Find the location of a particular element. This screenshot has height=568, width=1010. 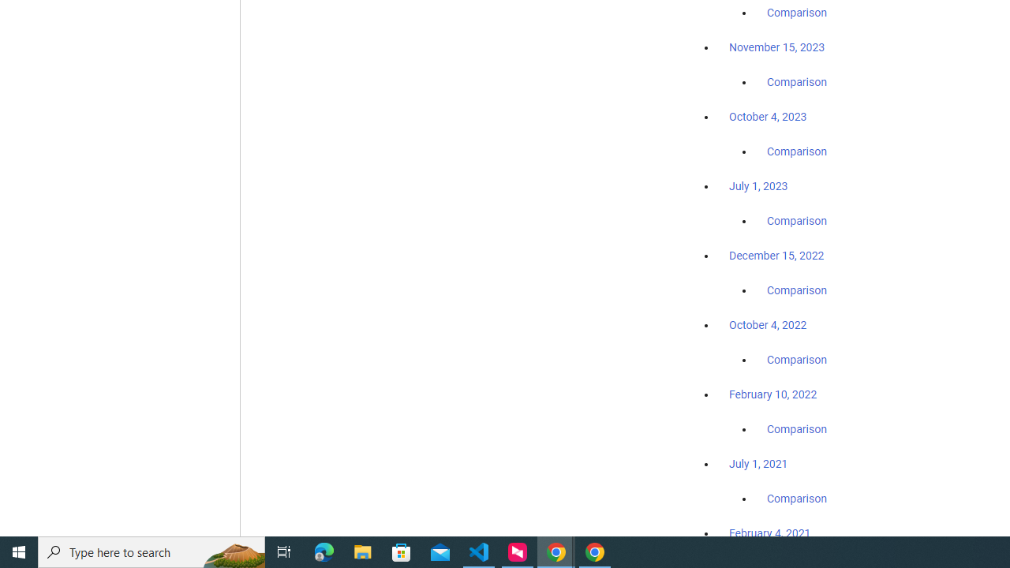

'October 4, 2023' is located at coordinates (768, 116).